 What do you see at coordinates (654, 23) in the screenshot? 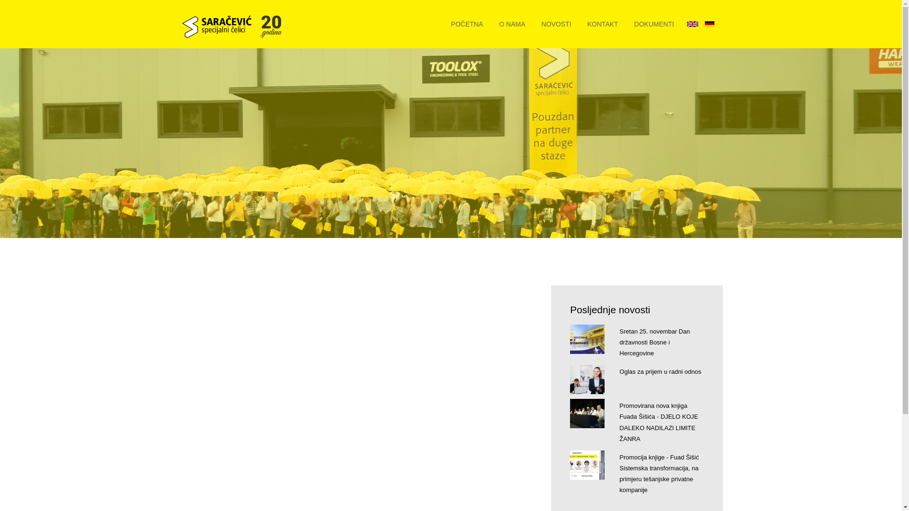
I see `'DOKUMENTI'` at bounding box center [654, 23].